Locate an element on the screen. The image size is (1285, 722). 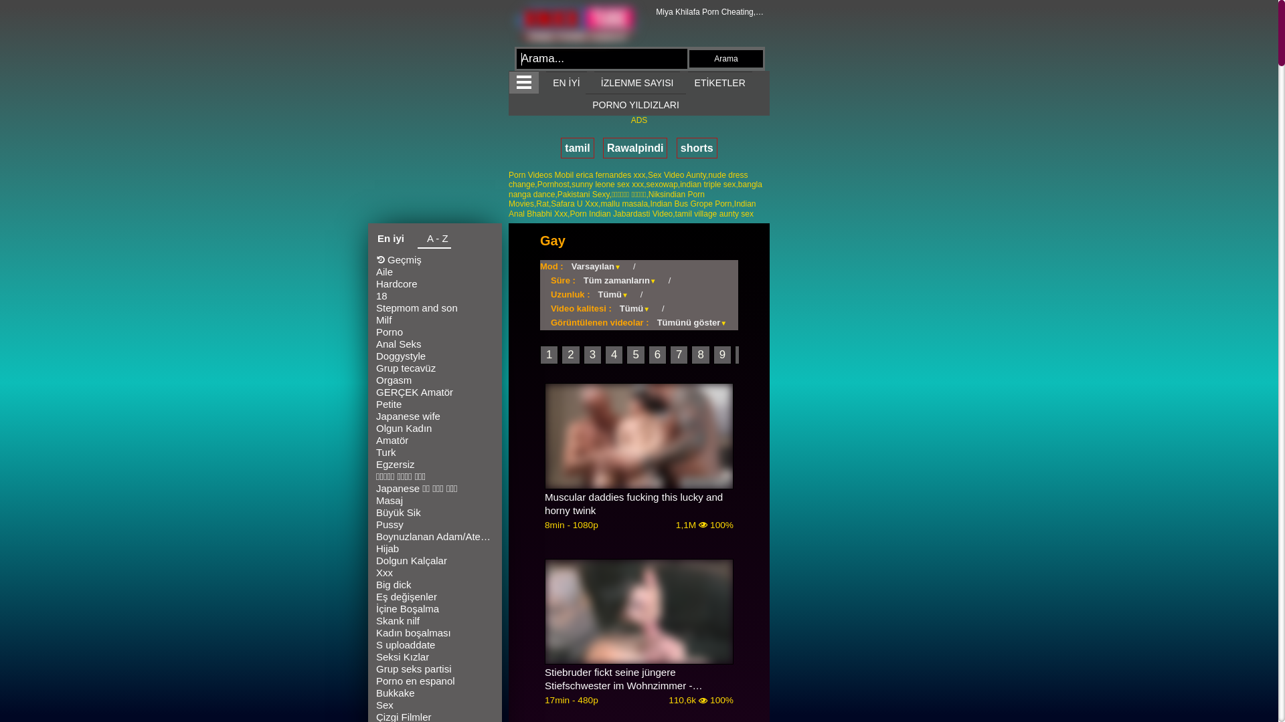
'Aile' is located at coordinates (434, 271).